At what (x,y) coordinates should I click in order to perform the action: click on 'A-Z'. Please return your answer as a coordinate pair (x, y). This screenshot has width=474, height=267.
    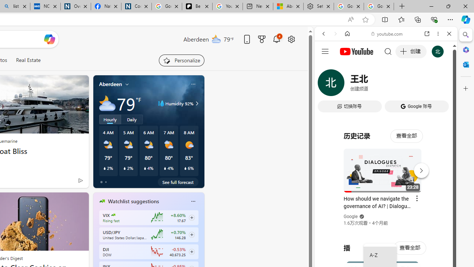
    Looking at the image, I should click on (380, 255).